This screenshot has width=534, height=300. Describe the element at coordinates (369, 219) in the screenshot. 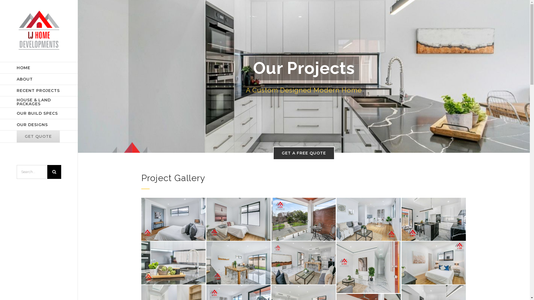

I see `'13'` at that location.